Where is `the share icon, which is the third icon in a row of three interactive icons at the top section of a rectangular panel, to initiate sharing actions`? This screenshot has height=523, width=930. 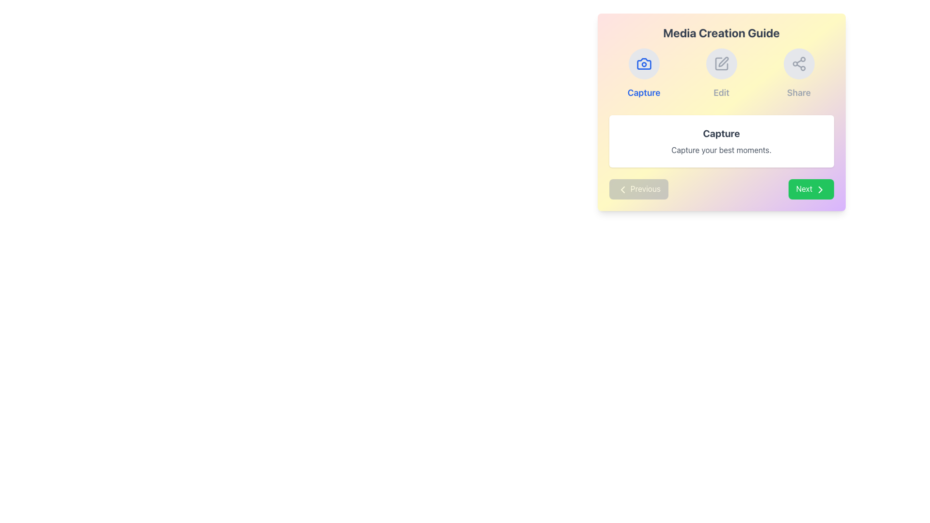
the share icon, which is the third icon in a row of three interactive icons at the top section of a rectangular panel, to initiate sharing actions is located at coordinates (799, 63).